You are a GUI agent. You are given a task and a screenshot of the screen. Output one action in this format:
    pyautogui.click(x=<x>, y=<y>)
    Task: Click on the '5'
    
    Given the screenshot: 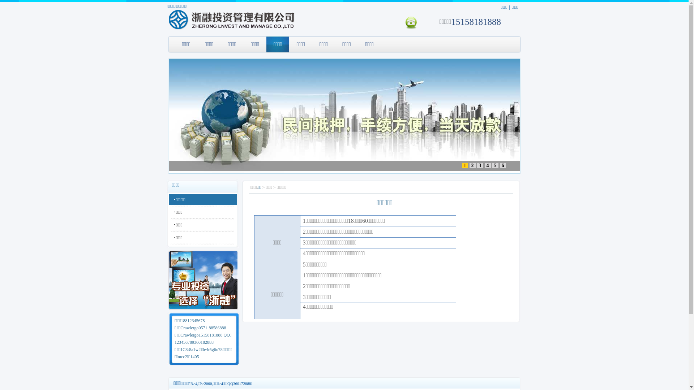 What is the action you would take?
    pyautogui.click(x=495, y=165)
    